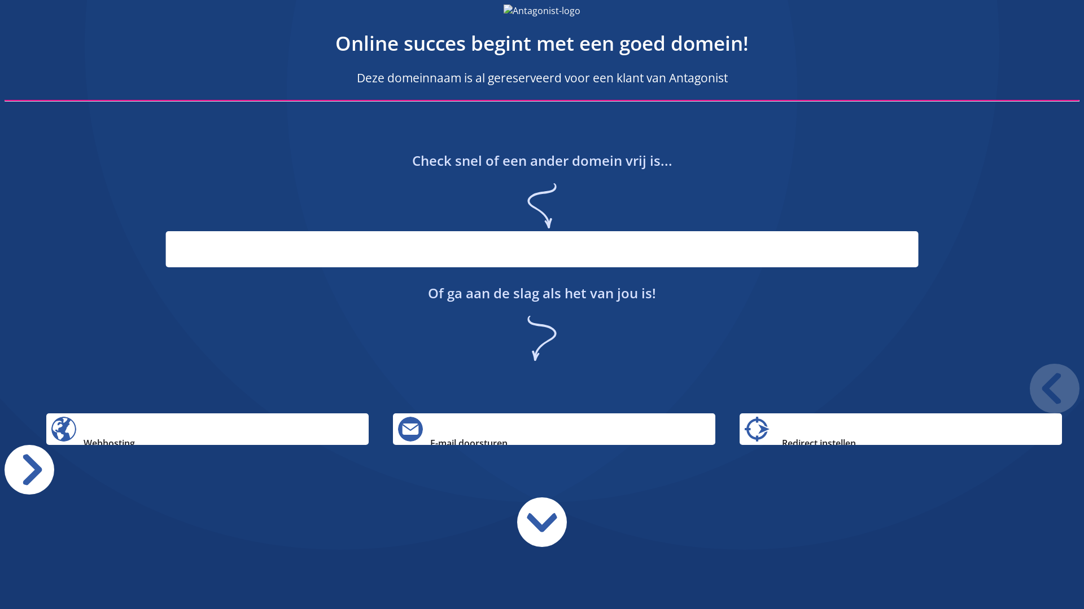 The image size is (1084, 609). I want to click on 'E-mail doorsturen', so click(554, 429).